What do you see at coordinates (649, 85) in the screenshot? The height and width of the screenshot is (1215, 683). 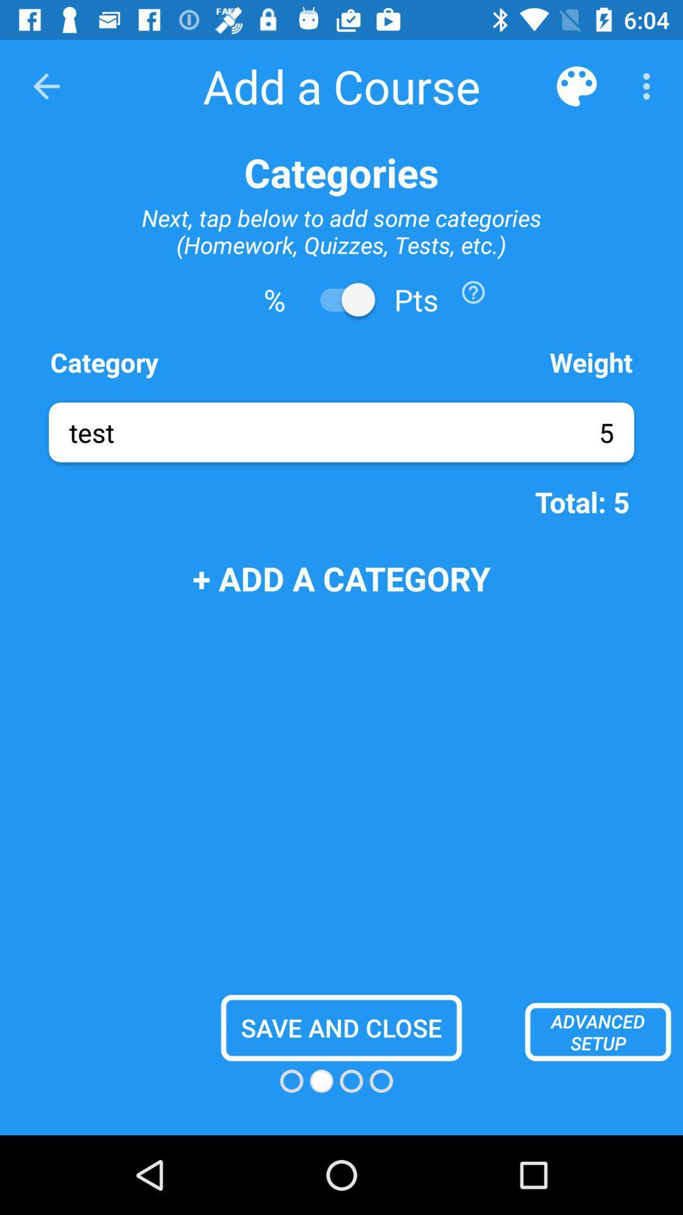 I see `the icon above categories item` at bounding box center [649, 85].